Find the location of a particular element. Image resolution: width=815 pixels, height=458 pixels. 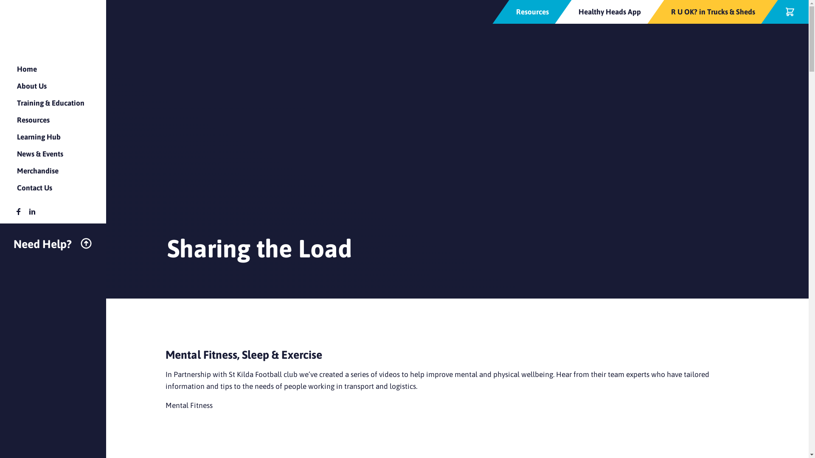

'News & Events' is located at coordinates (39, 154).